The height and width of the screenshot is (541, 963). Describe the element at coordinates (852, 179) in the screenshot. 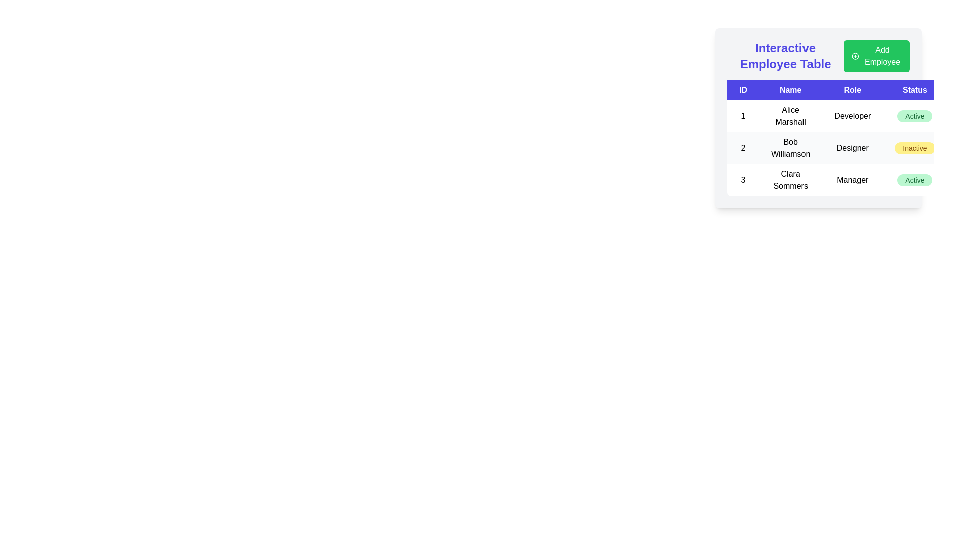

I see `the 'Manager' text label in the last row of the Interactive Employee Table, which is the third column from the right corresponding to Clara Sommers` at that location.